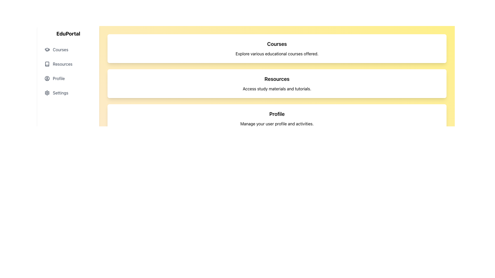 The width and height of the screenshot is (495, 278). I want to click on the 'Courses' button, which is the first item in the sidebar menu, so click(68, 49).